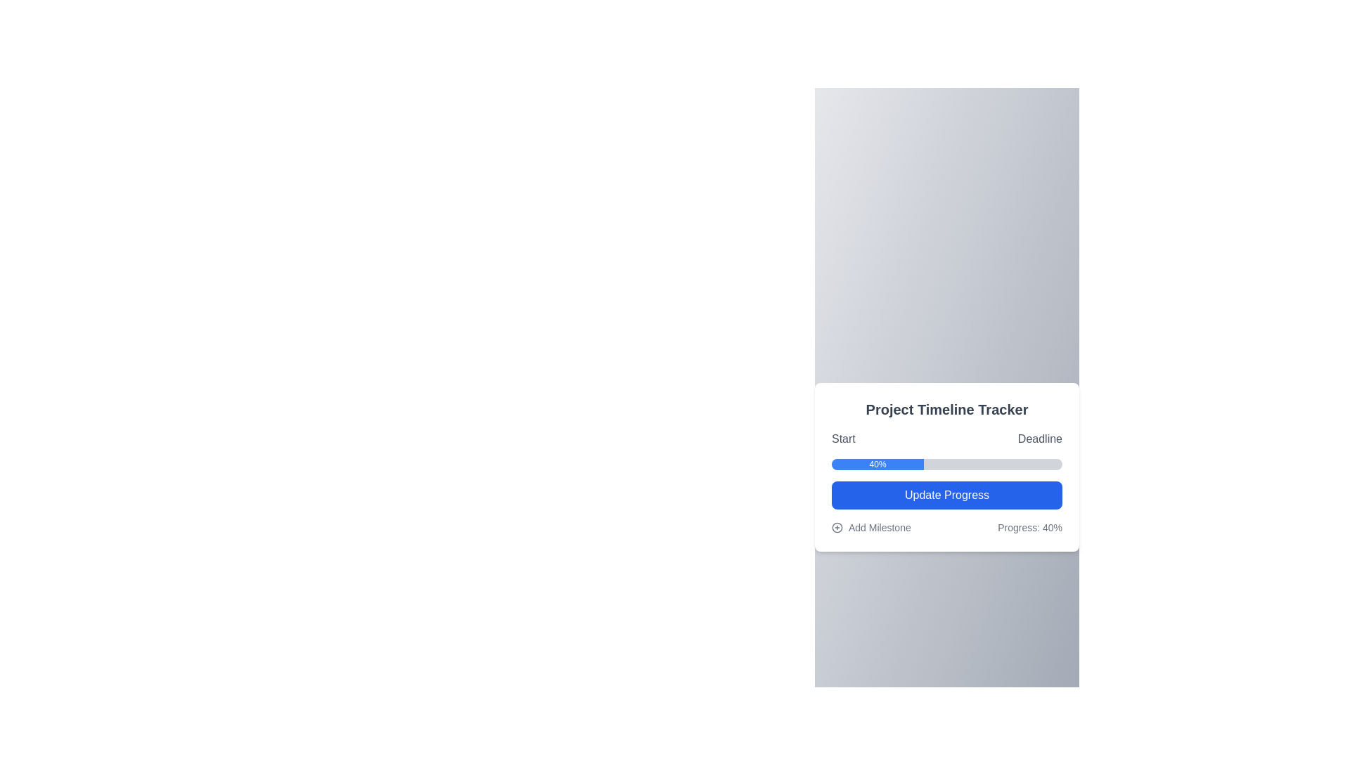 This screenshot has height=759, width=1350. What do you see at coordinates (843, 438) in the screenshot?
I see `text label displaying 'Start' which is positioned at the top left of a horizontal layout containing another label 'Deadline'` at bounding box center [843, 438].